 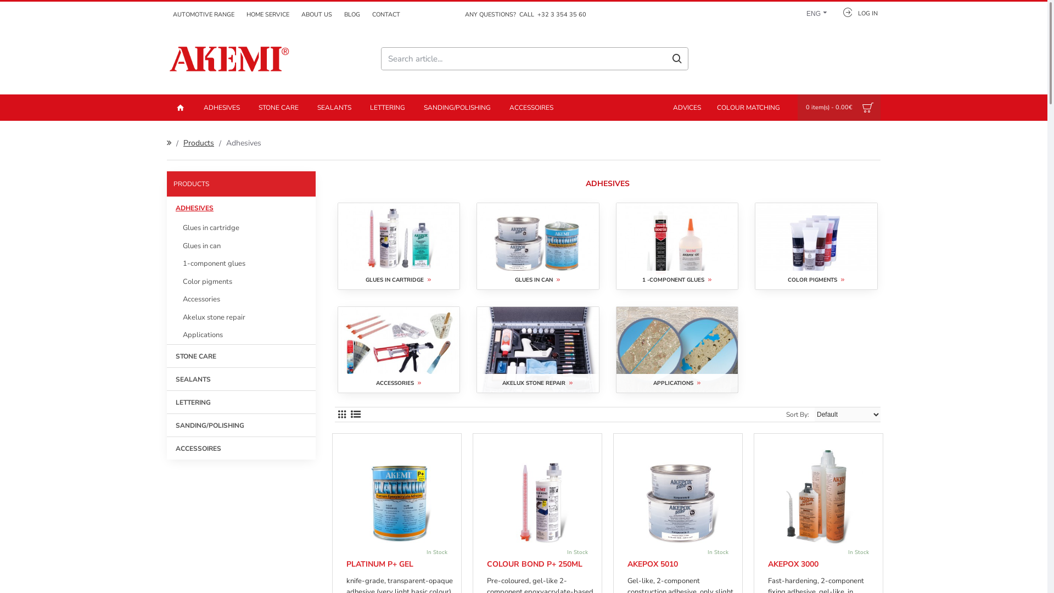 What do you see at coordinates (240, 317) in the screenshot?
I see `'Akelux stone repair'` at bounding box center [240, 317].